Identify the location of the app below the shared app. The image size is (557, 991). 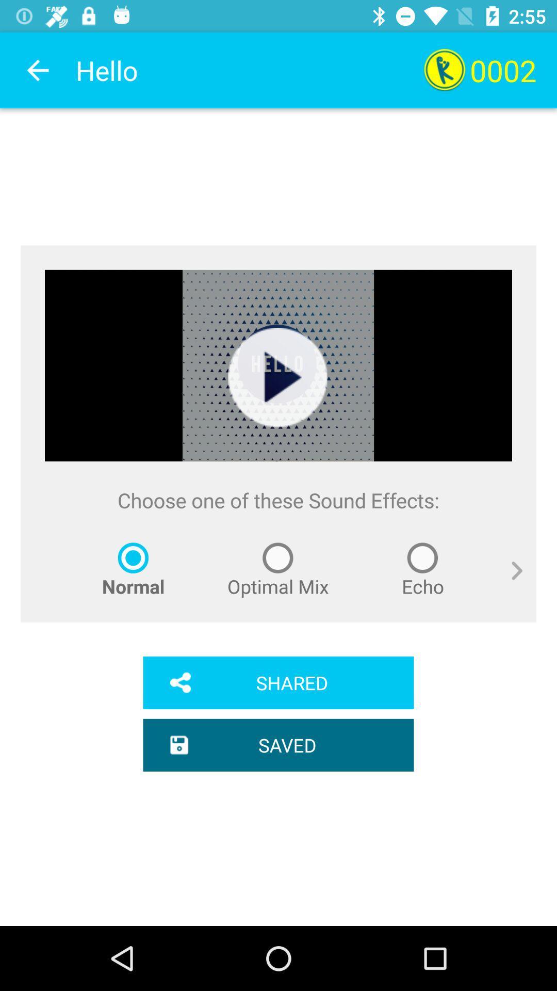
(278, 745).